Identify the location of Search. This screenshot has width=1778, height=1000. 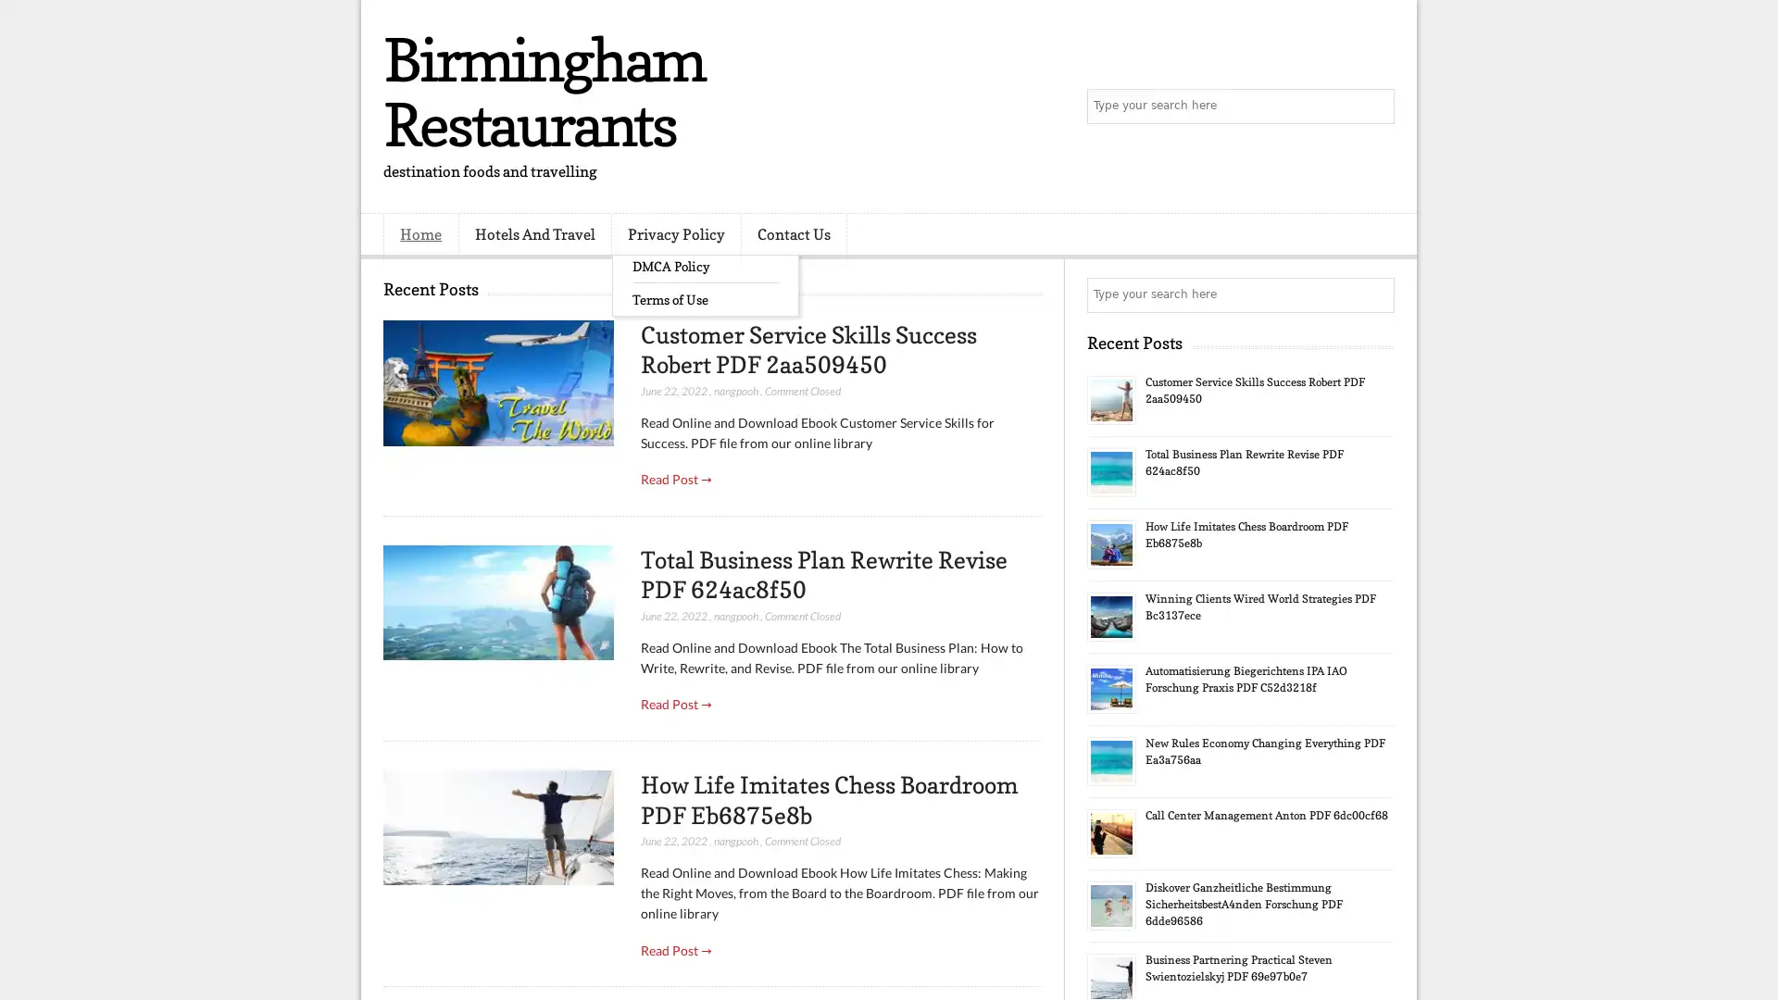
(1375, 294).